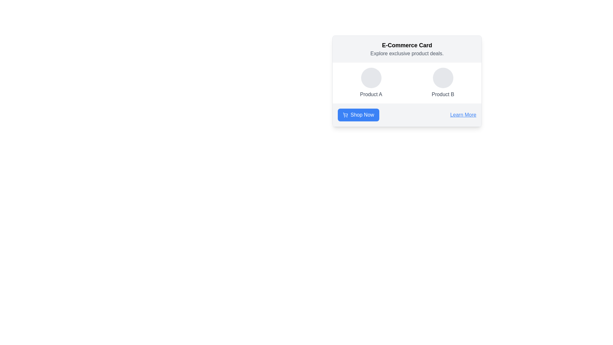 This screenshot has width=613, height=345. Describe the element at coordinates (358, 114) in the screenshot. I see `the blue 'Shop Now' button with rounded edges` at that location.